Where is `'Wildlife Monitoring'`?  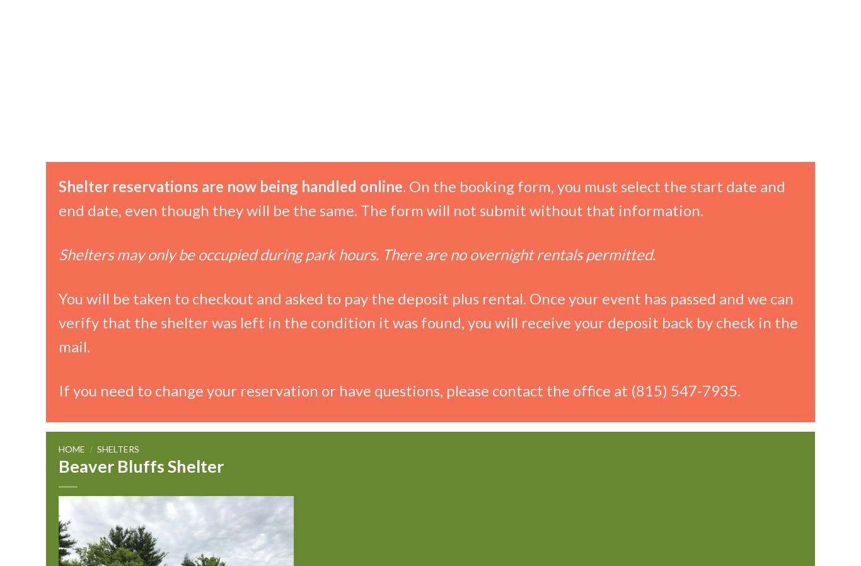
'Wildlife Monitoring' is located at coordinates (293, 243).